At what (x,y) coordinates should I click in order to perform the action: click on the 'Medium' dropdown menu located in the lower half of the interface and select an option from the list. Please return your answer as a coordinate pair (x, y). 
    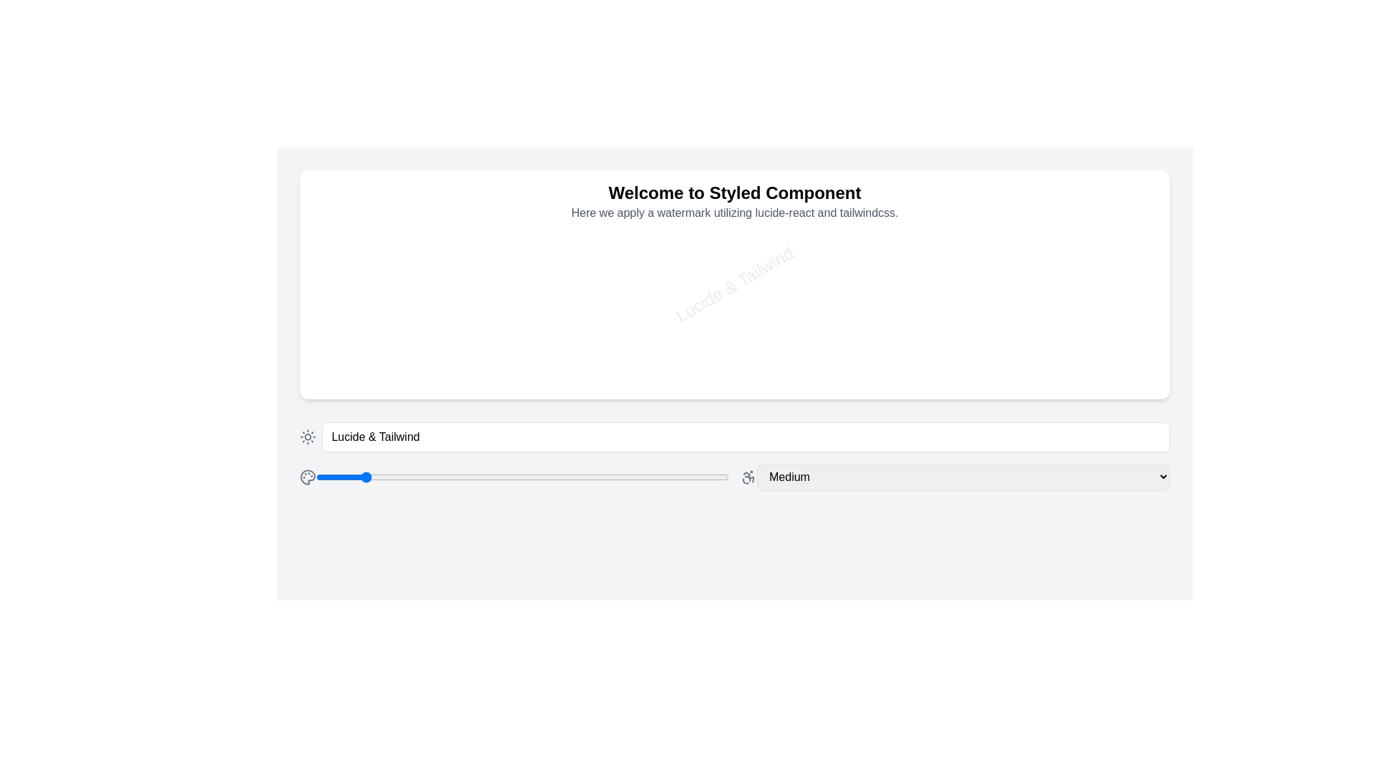
    Looking at the image, I should click on (955, 477).